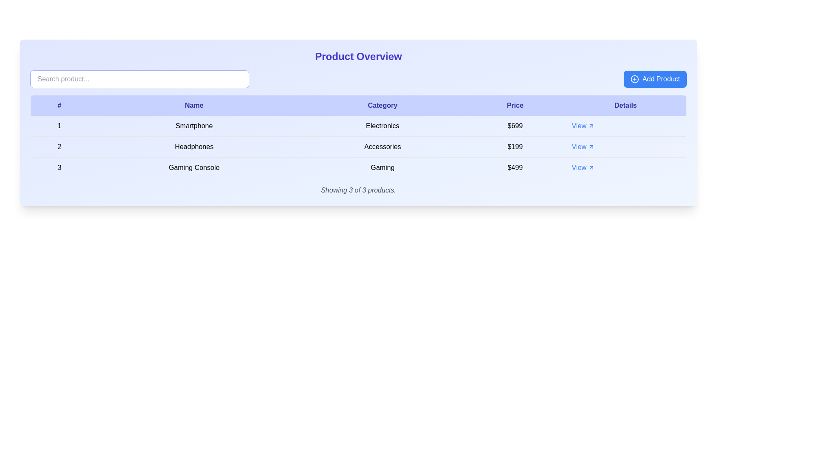 The width and height of the screenshot is (818, 460). What do you see at coordinates (583, 146) in the screenshot?
I see `the hyperlink in the 'Details' column of the second row of the table` at bounding box center [583, 146].